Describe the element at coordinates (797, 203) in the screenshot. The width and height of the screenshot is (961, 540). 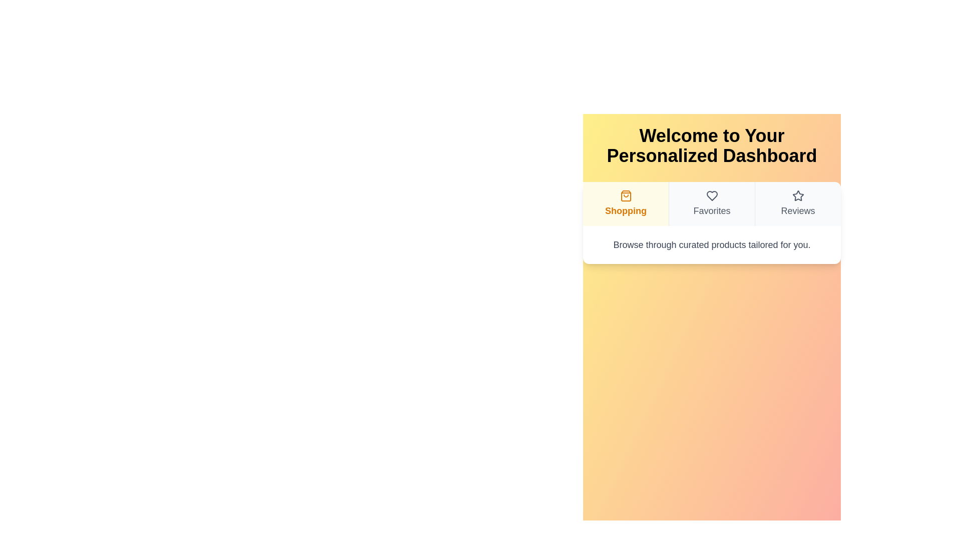
I see `the Reviews tab by clicking on its corresponding button` at that location.